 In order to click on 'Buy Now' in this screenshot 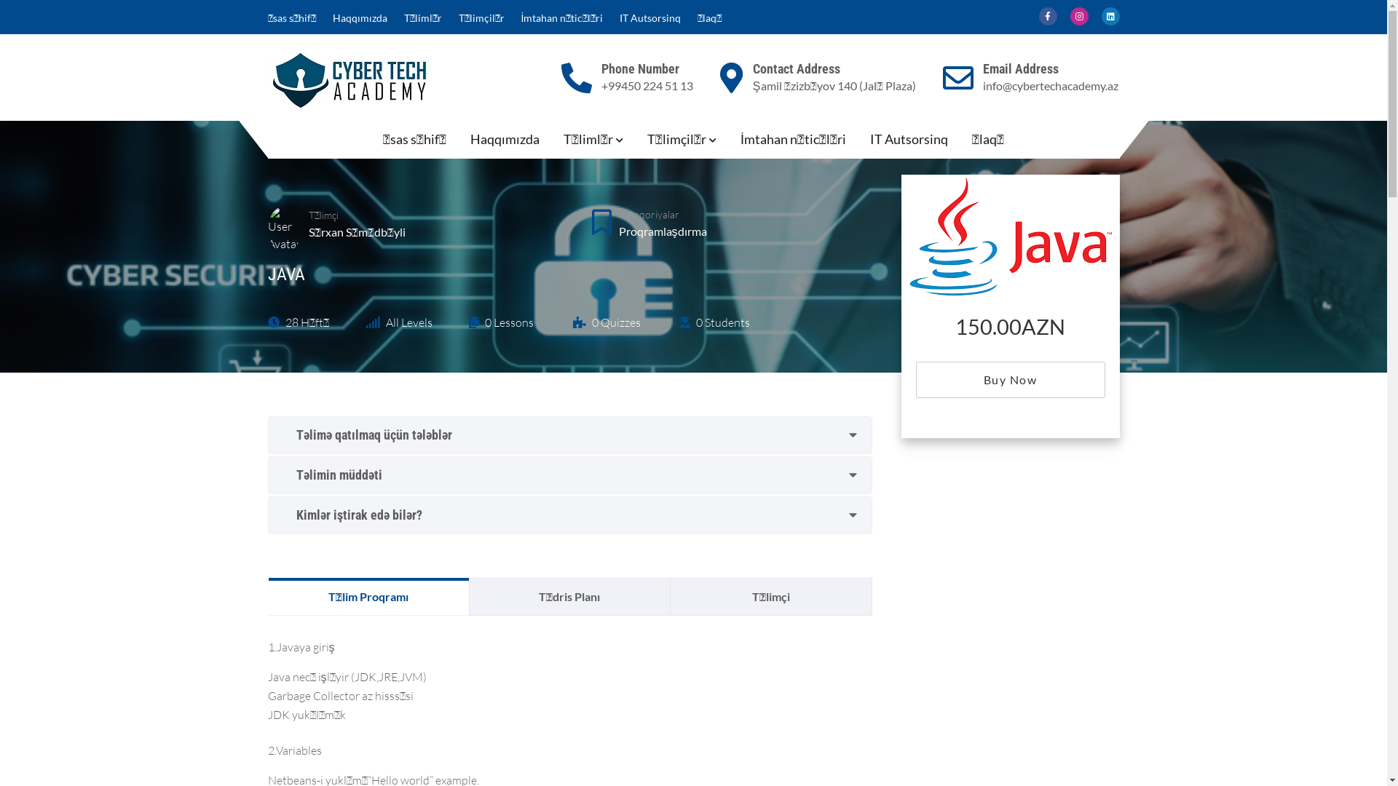, I will do `click(915, 378)`.